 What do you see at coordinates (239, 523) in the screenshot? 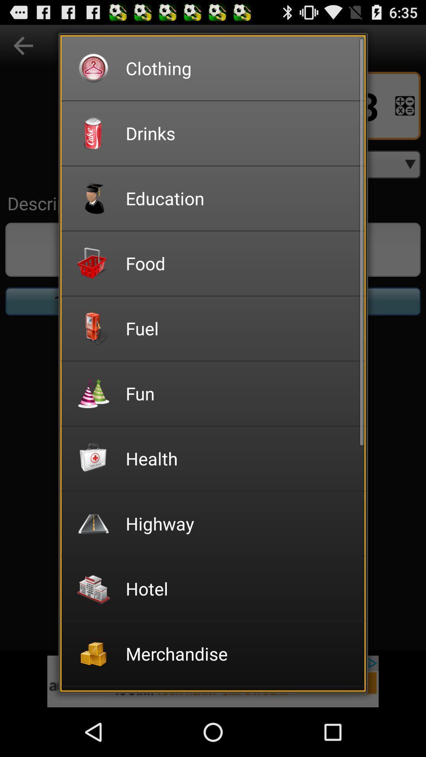
I see `the app below the health item` at bounding box center [239, 523].